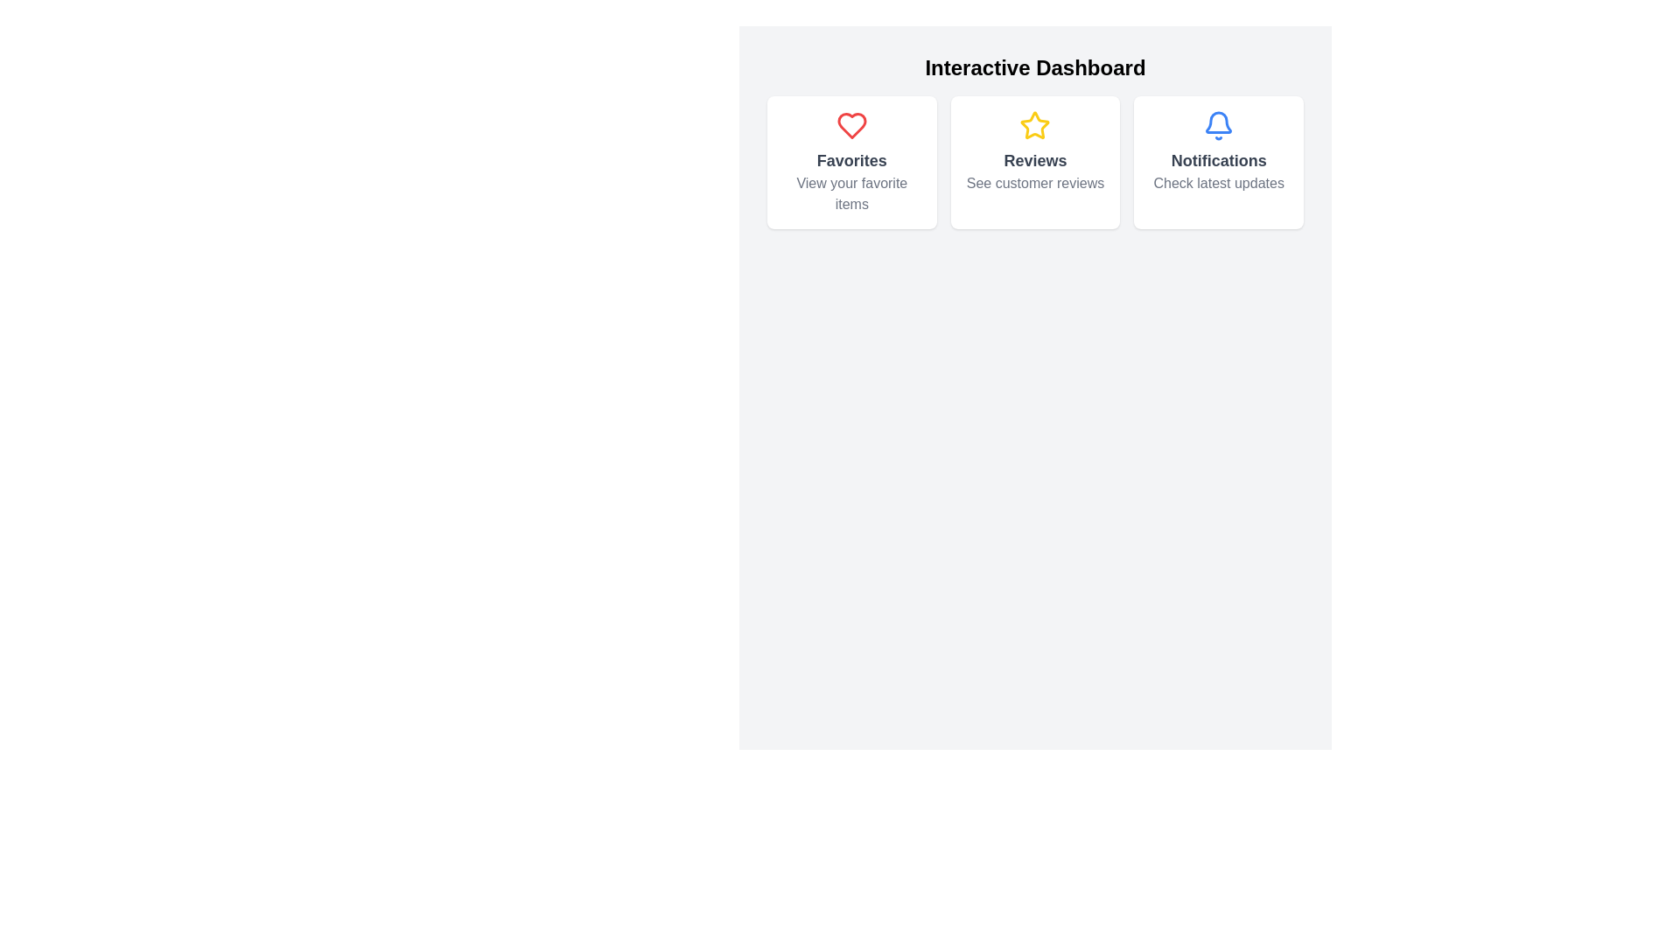  I want to click on the yellow star icon with a hollow center located above the text 'See customer reviews' in the 'Reviews' panel, so click(1035, 124).